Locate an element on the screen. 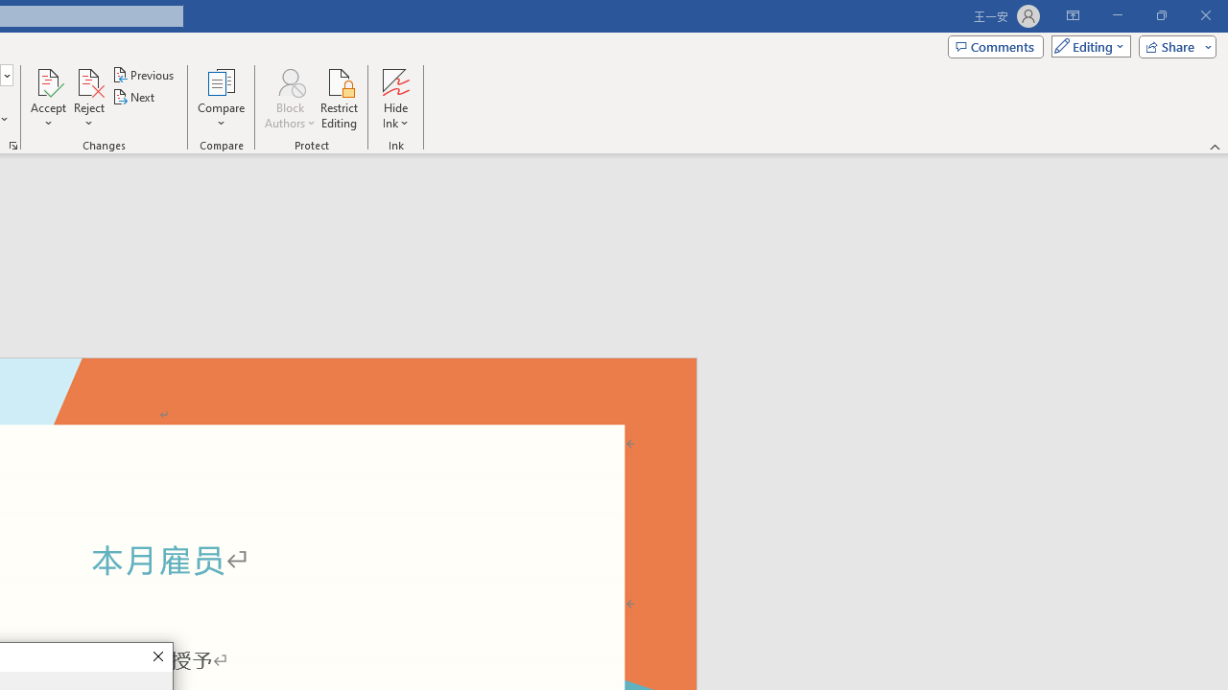  'Block Authors' is located at coordinates (289, 99).